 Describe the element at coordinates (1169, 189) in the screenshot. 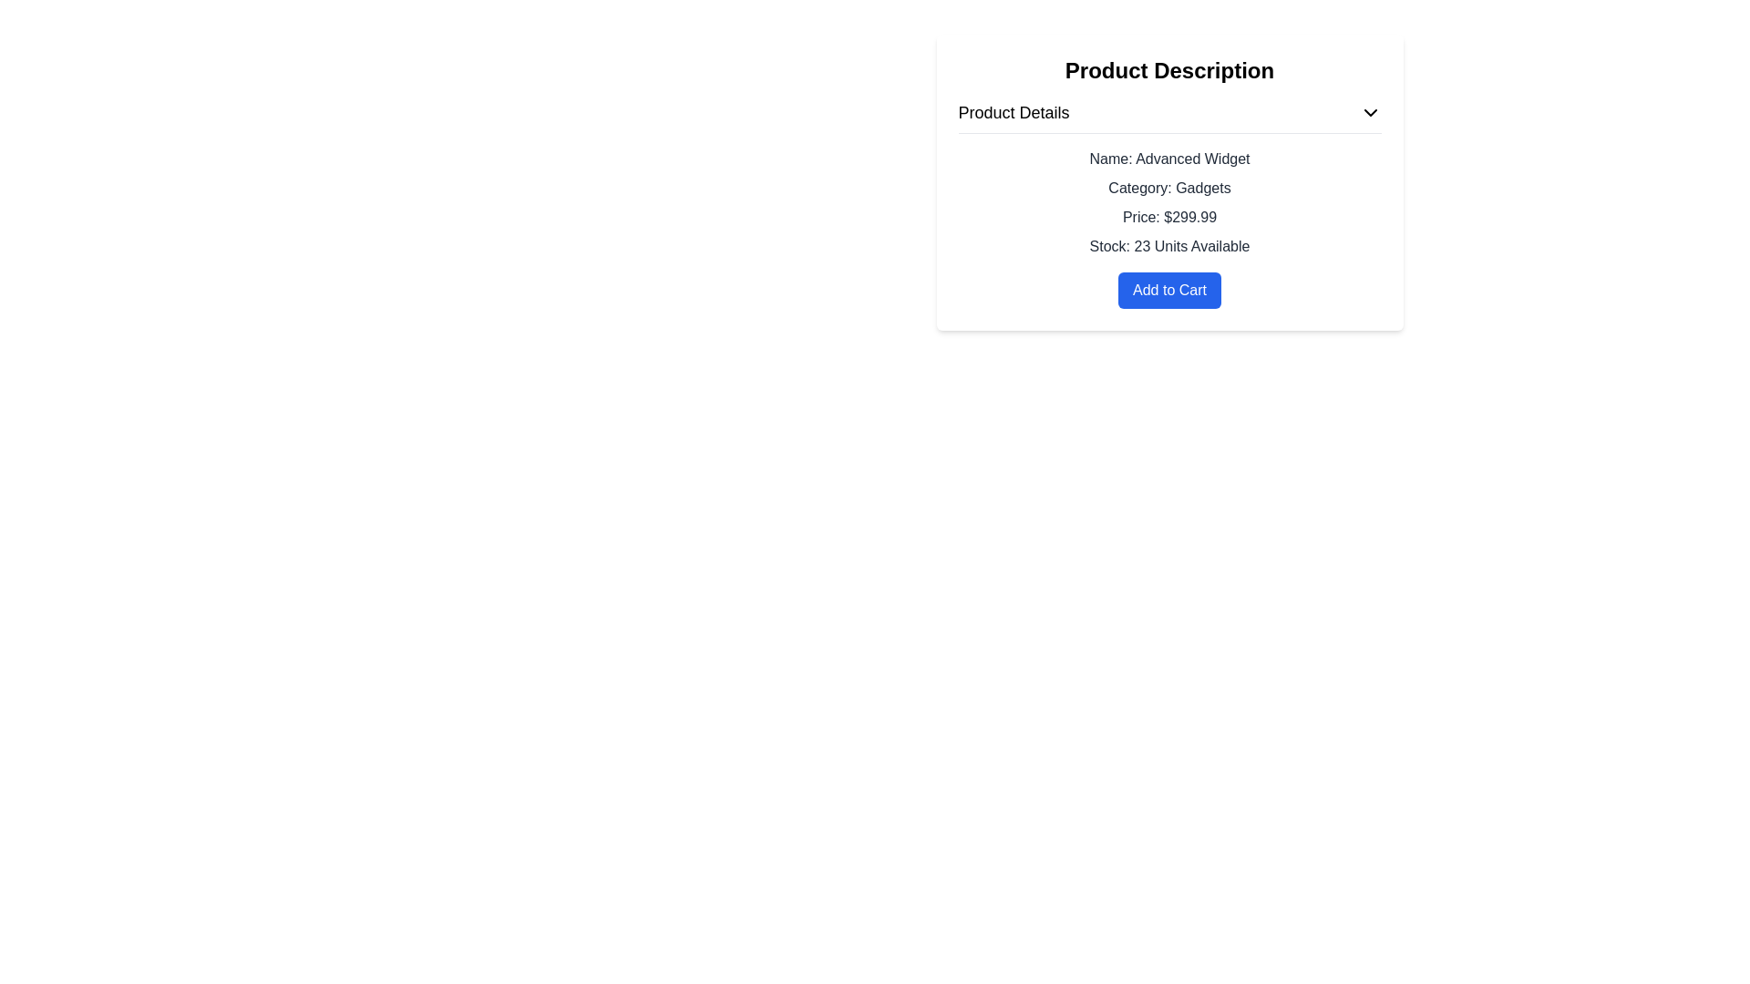

I see `text from the element displaying 'Category: Gadgets', which is the second entry in the product description section, below 'Name: Advanced Widget'` at that location.